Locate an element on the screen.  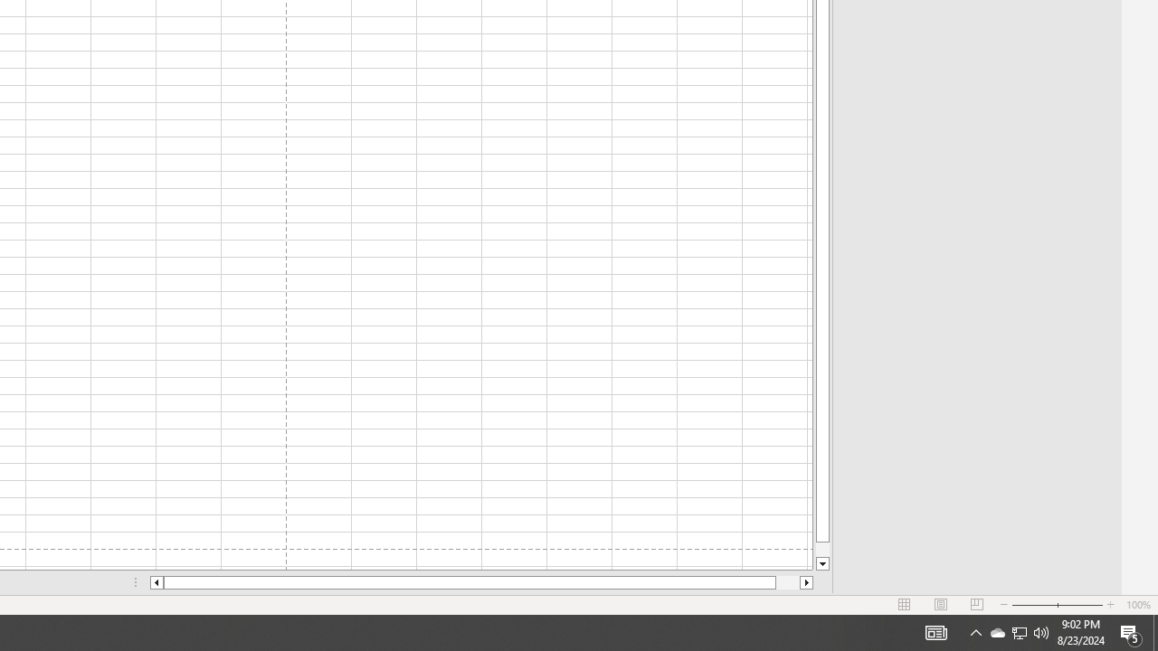
'Column right' is located at coordinates (806, 582).